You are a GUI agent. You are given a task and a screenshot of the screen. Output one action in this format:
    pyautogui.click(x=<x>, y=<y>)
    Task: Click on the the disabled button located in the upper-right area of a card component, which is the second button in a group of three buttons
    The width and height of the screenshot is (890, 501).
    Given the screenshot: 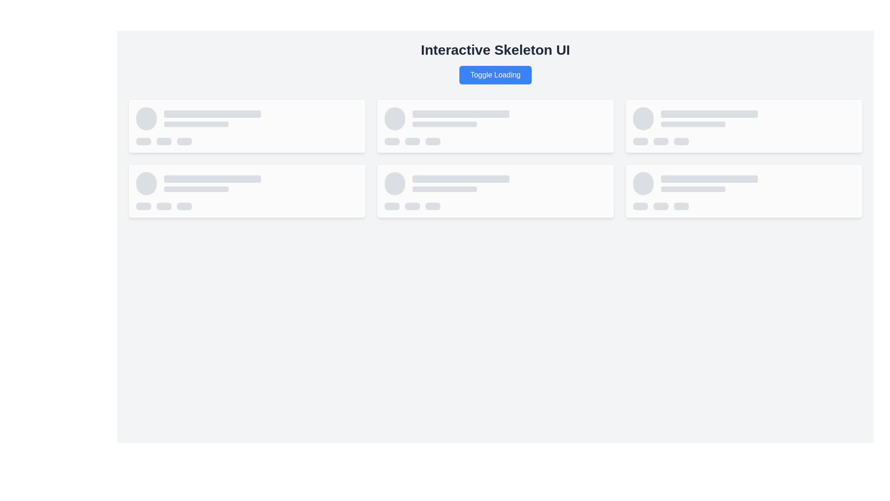 What is the action you would take?
    pyautogui.click(x=660, y=141)
    